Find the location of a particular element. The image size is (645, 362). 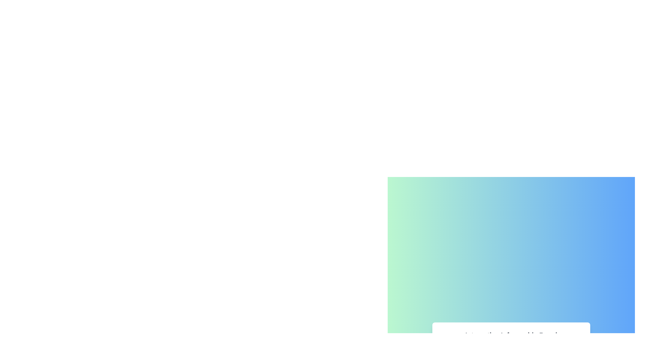

the small circle (Vector Graphics Component) located at the bottom-right of the viewport, which is part of an SVG graphic is located at coordinates (541, 349).